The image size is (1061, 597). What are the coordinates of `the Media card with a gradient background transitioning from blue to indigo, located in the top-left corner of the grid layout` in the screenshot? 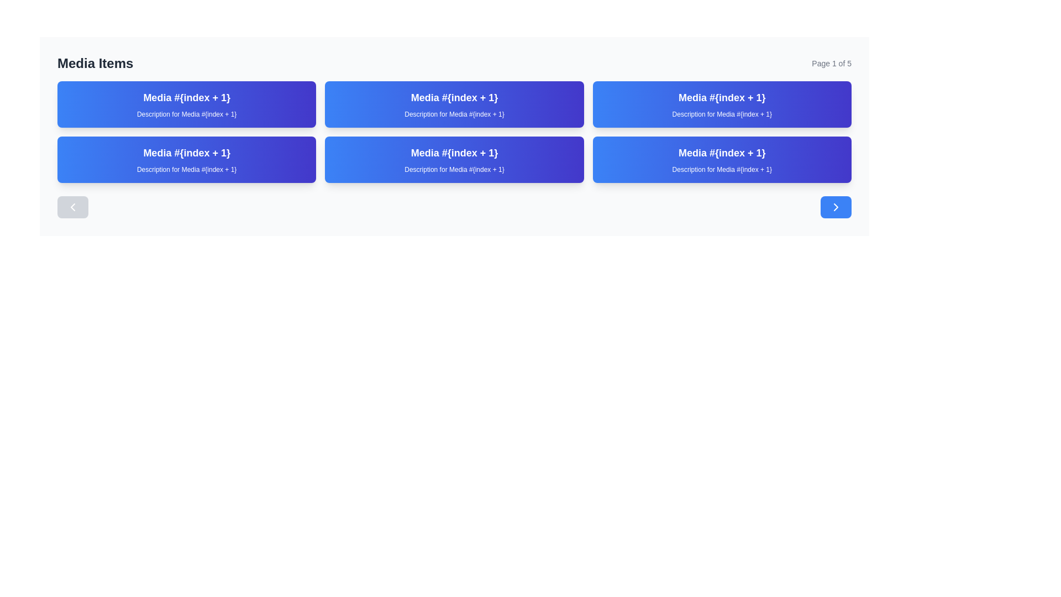 It's located at (187, 104).